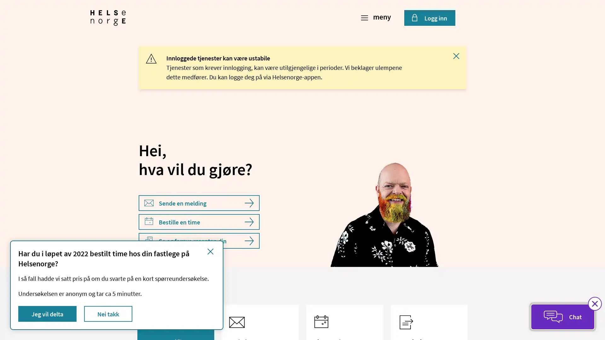  What do you see at coordinates (562, 317) in the screenshot?
I see `Chat` at bounding box center [562, 317].